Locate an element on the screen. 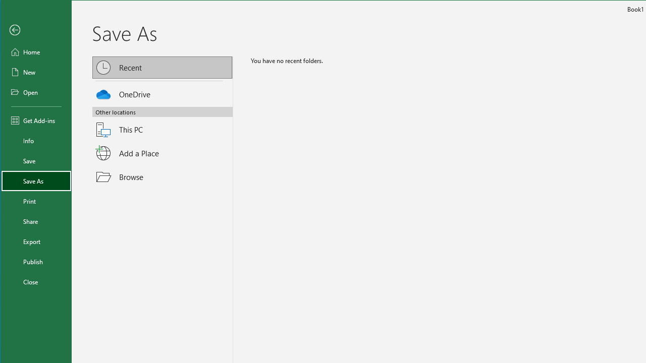 This screenshot has width=646, height=363. 'Home' is located at coordinates (36, 51).